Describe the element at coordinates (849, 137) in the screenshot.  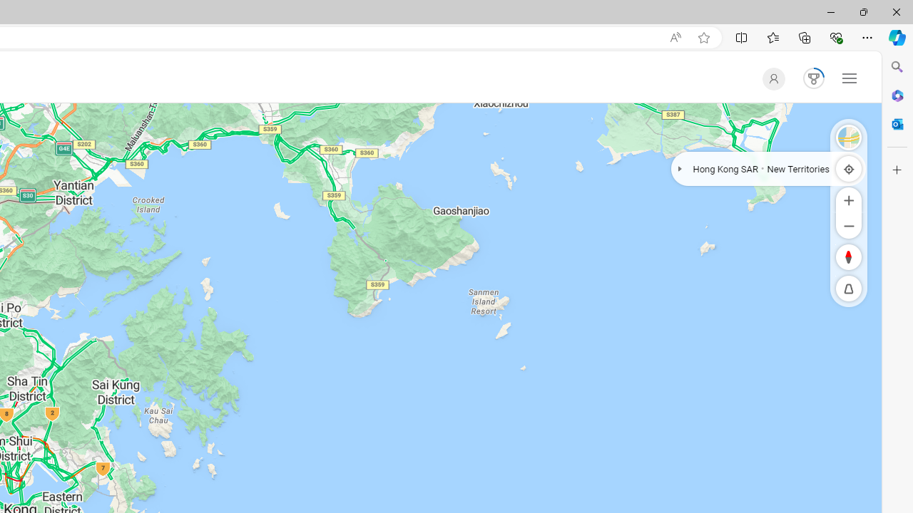
I see `'Road'` at that location.